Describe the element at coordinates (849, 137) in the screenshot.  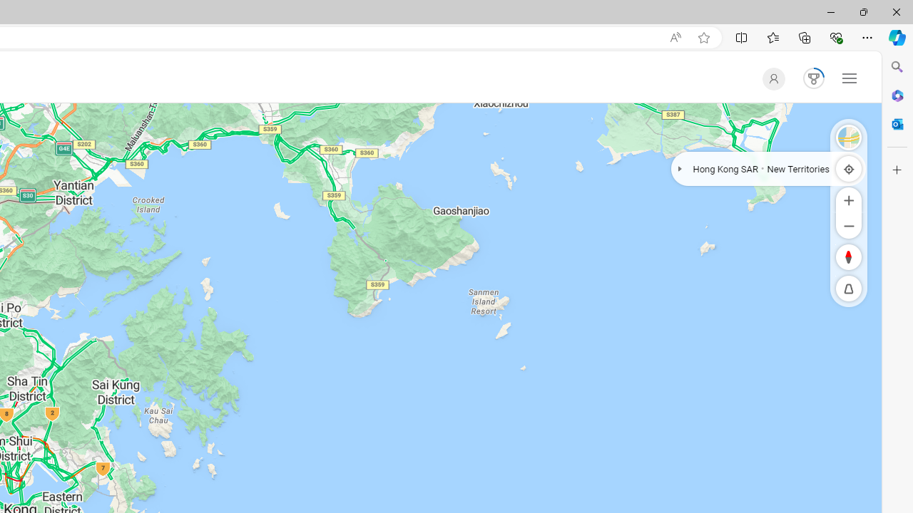
I see `'Road'` at that location.